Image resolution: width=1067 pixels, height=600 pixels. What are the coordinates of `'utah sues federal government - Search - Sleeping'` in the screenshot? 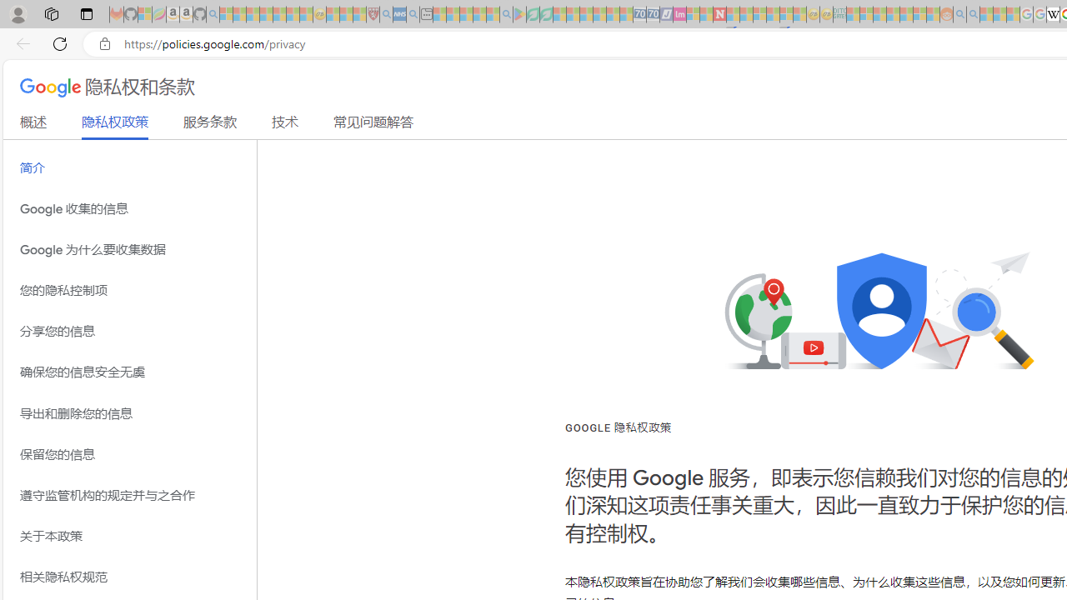 It's located at (413, 14).